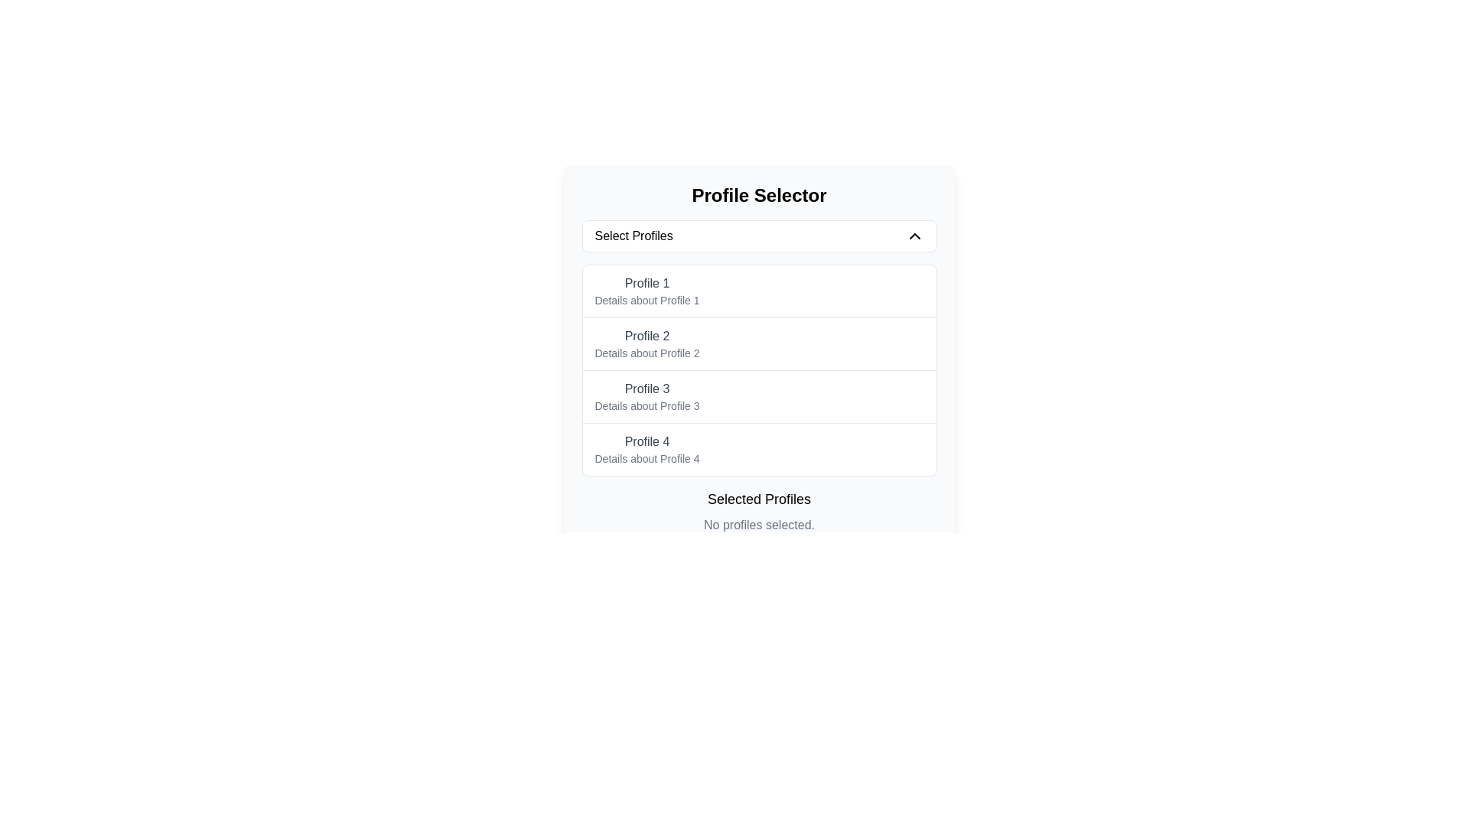 Image resolution: width=1469 pixels, height=826 pixels. What do you see at coordinates (759, 343) in the screenshot?
I see `the list item labeled 'Profile 2'` at bounding box center [759, 343].